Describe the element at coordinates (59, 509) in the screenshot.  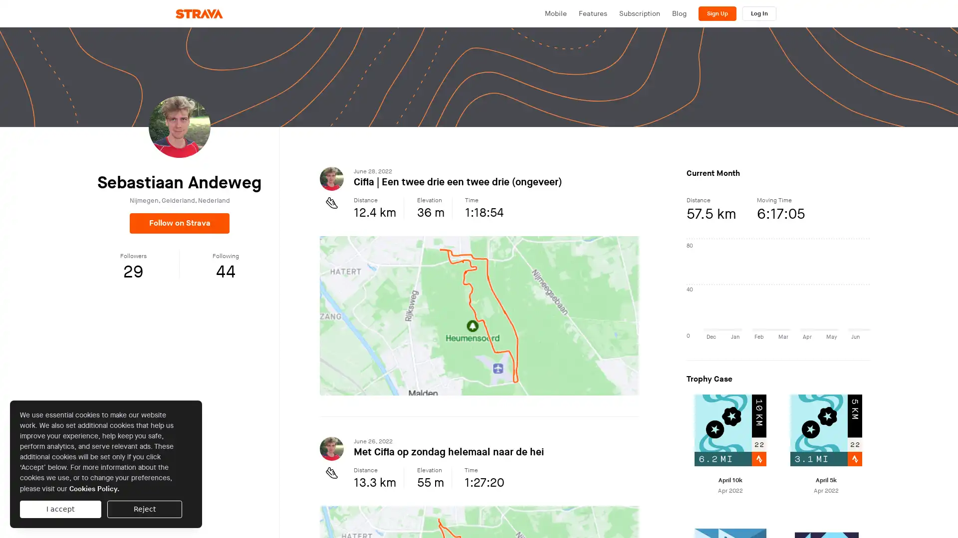
I see `I accept` at that location.